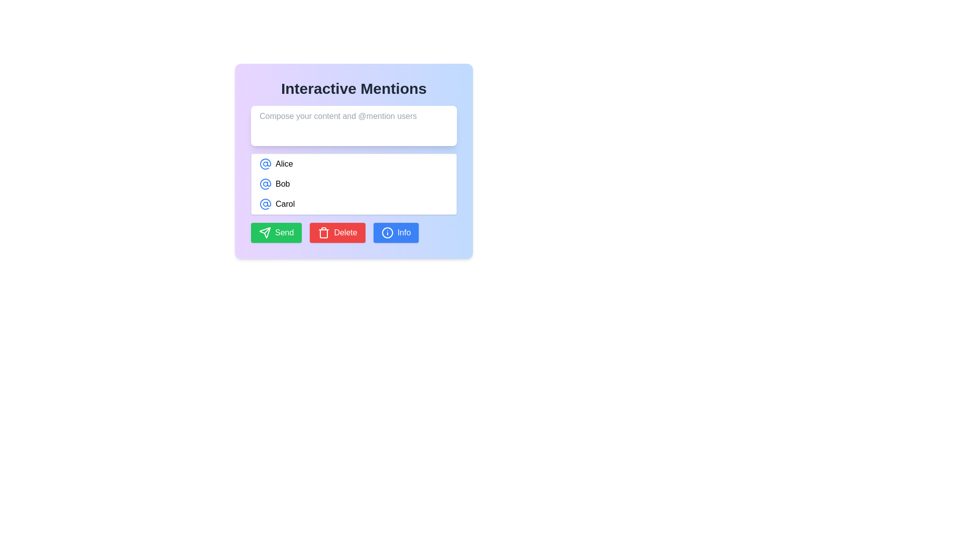 The height and width of the screenshot is (542, 964). Describe the element at coordinates (354, 232) in the screenshot. I see `the button from the Interactive Button Group located at the bottom of the main card interface, centered horizontally below user mentions such as 'Alice', 'Bob', and 'Carol'` at that location.